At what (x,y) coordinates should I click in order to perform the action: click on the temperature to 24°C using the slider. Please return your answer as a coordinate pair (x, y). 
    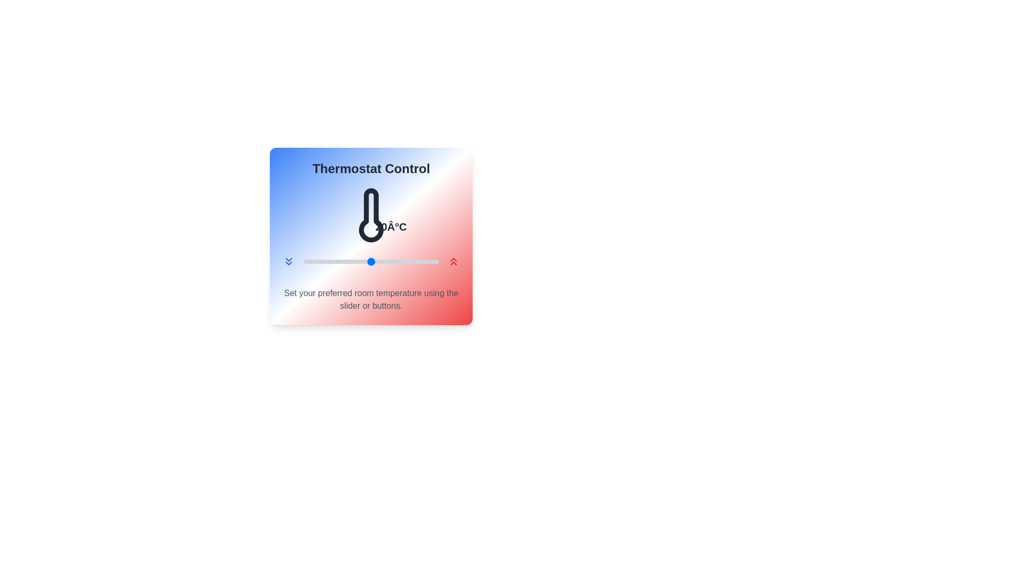
    Looking at the image, I should click on (397, 261).